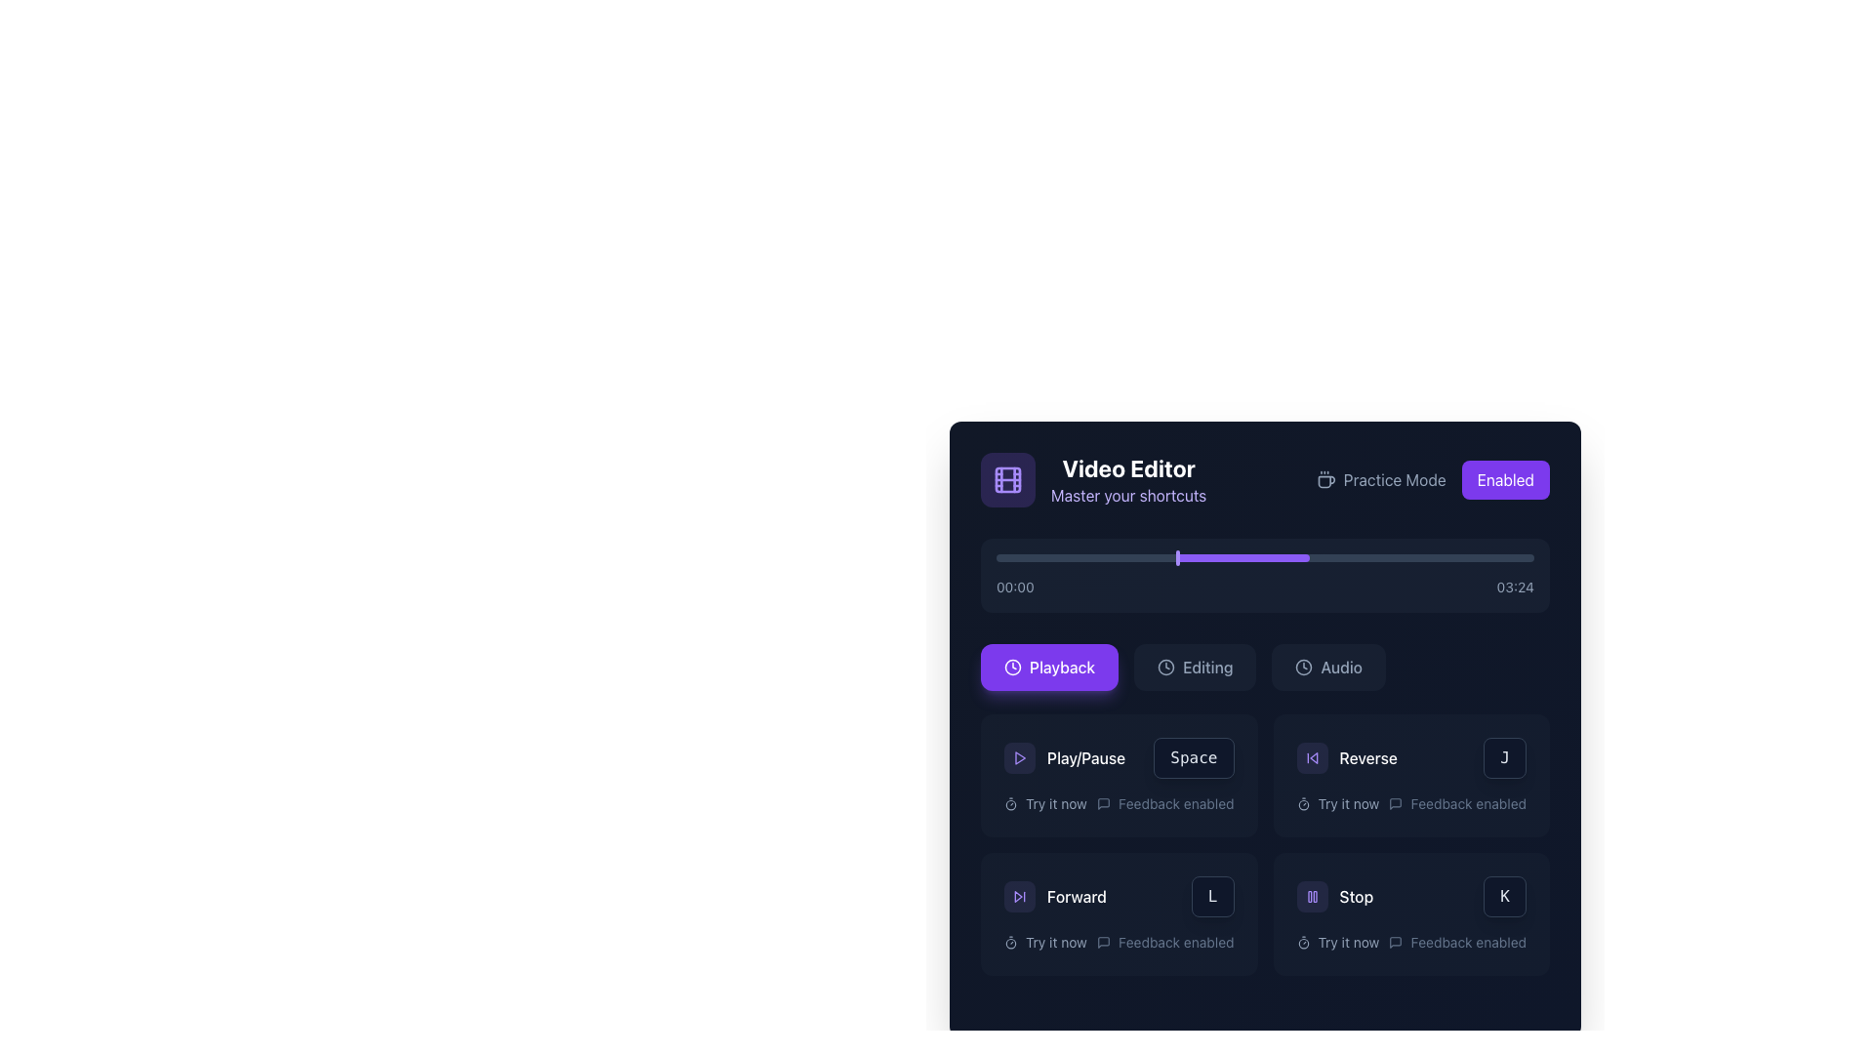 The width and height of the screenshot is (1874, 1054). I want to click on the 'Stop' button in the lower right panel of the media playback interface, so click(1333, 896).